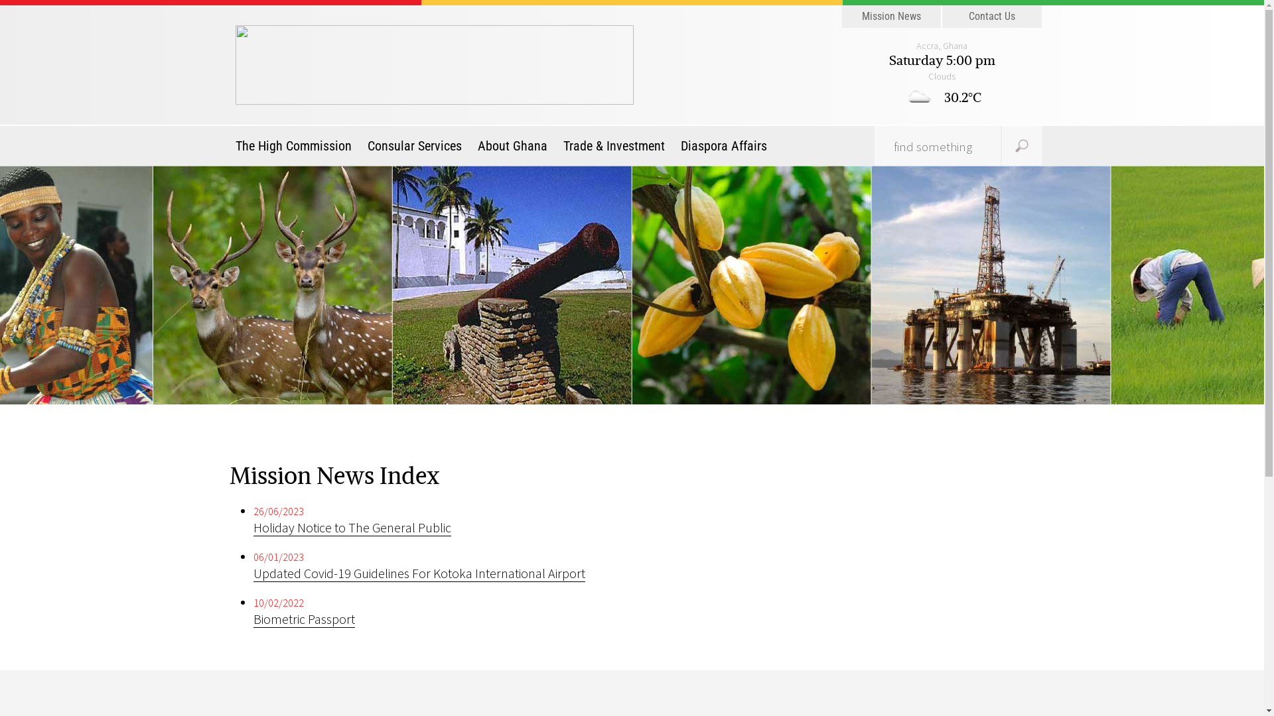 This screenshot has width=1274, height=716. Describe the element at coordinates (841, 16) in the screenshot. I see `'Mission News'` at that location.